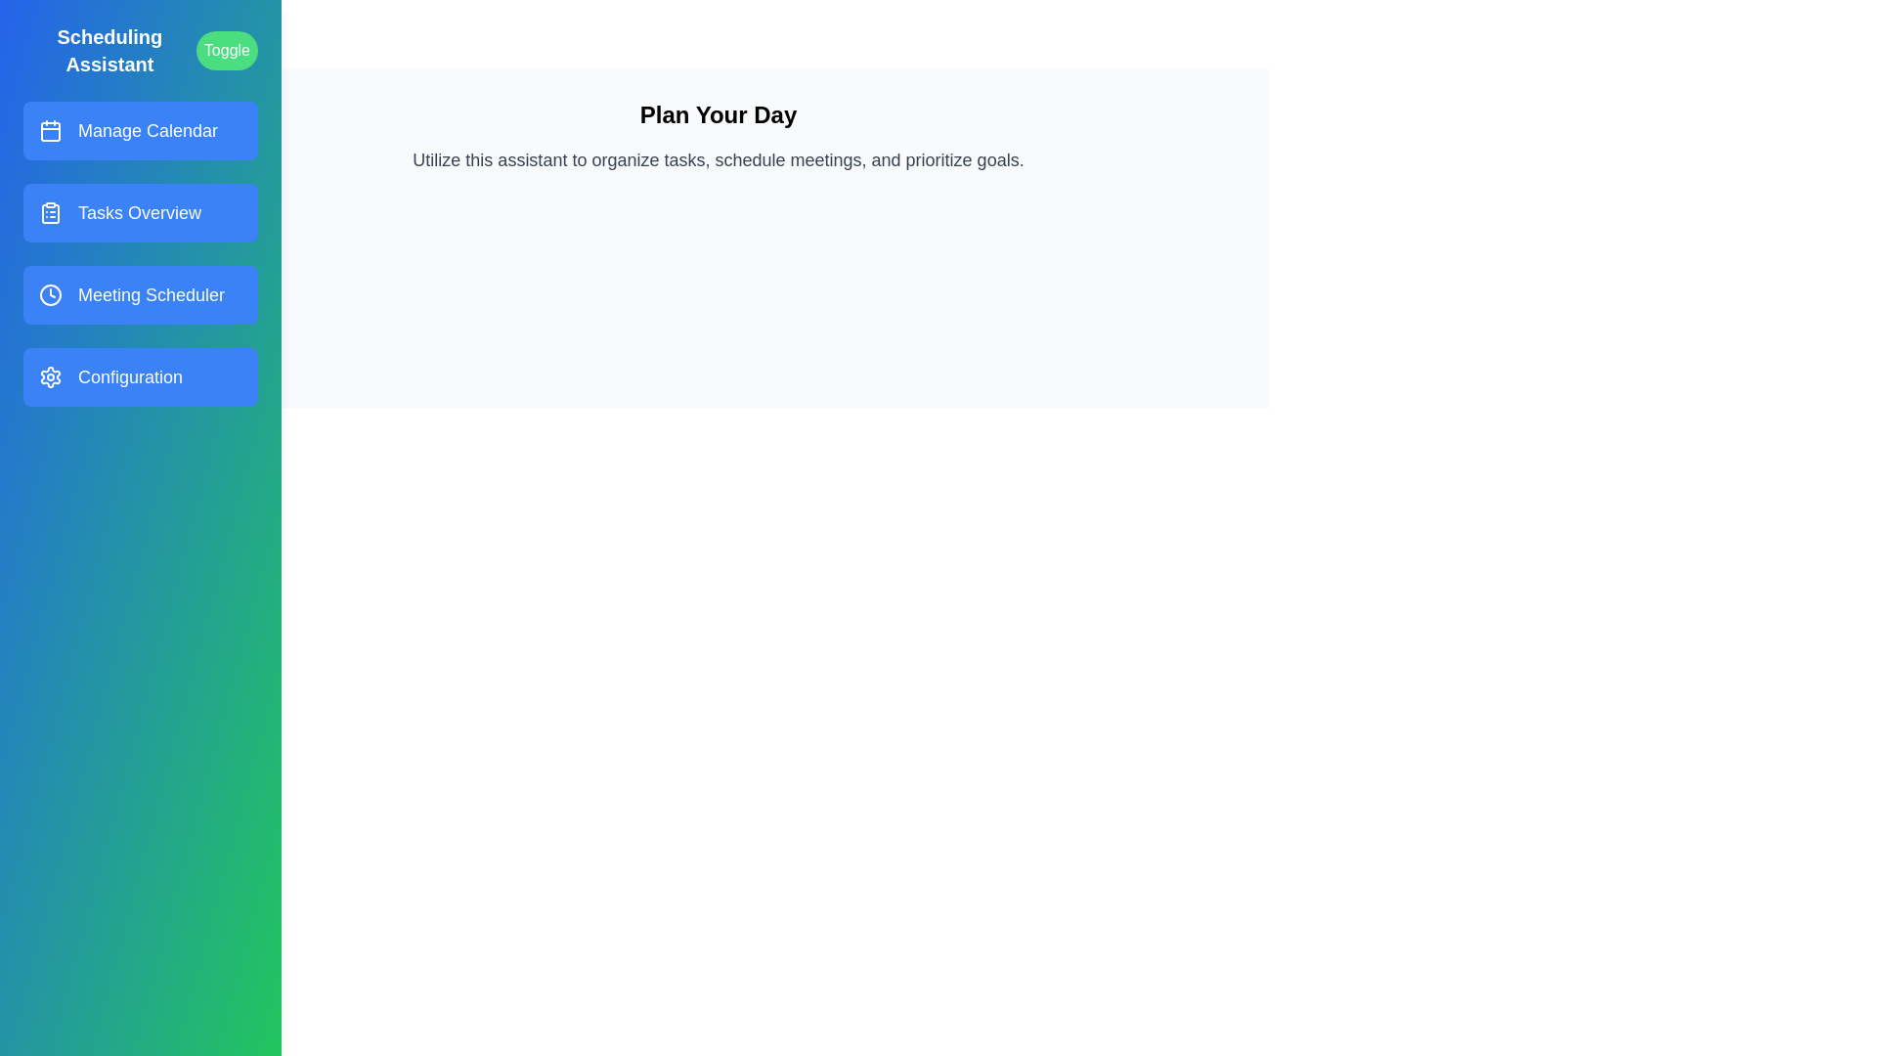  What do you see at coordinates (226, 49) in the screenshot?
I see `the 'Toggle' button to toggle the drawer state` at bounding box center [226, 49].